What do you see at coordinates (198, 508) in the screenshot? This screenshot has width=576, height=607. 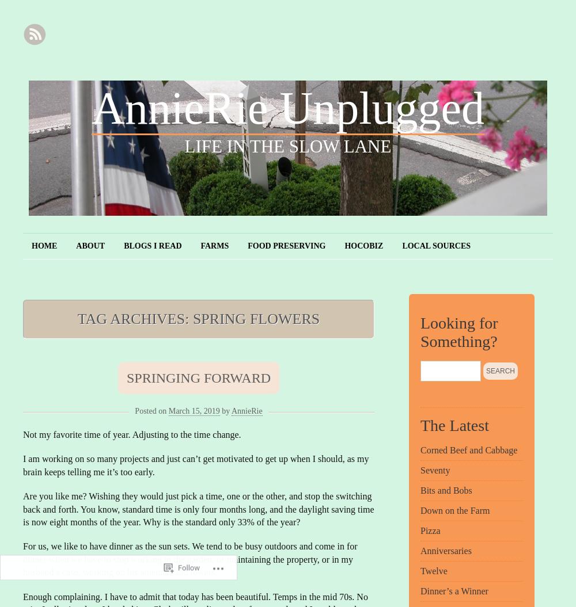 I see `'Are you like me? Wishing they would just pick a time, one or the other, and stop the switching back and forth. You know, standard time is only four months long, and the daylight saving time is now eight months of the year. Why is the standard only 33% of the year?'` at bounding box center [198, 508].